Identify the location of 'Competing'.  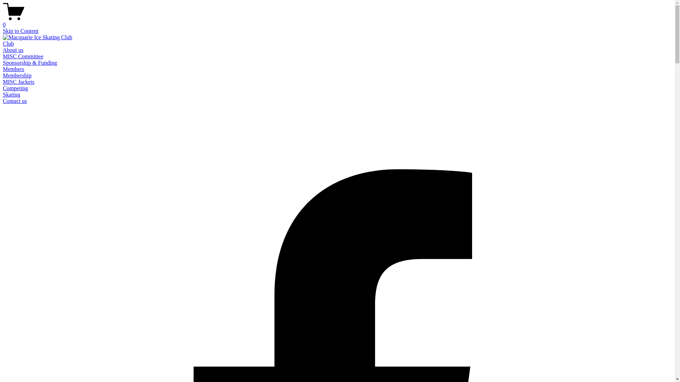
(15, 88).